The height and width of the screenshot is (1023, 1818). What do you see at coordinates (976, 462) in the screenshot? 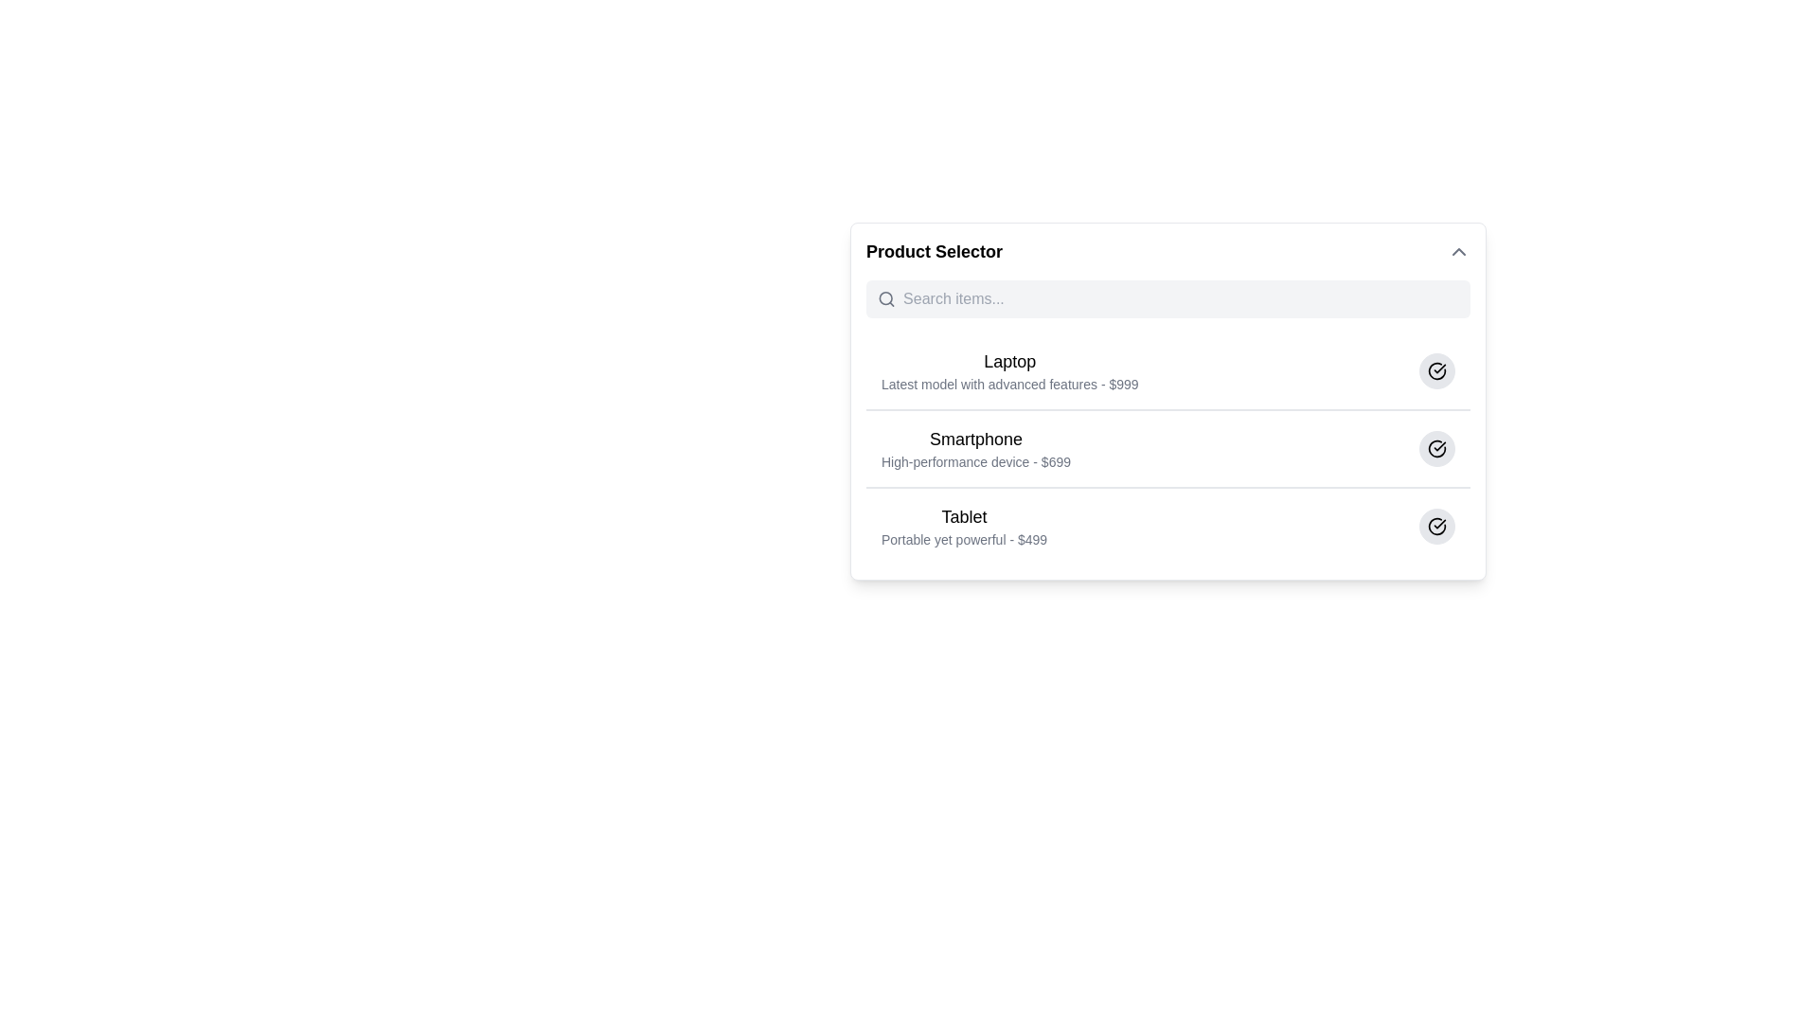
I see `the label text reading 'High-performance device - $699', which is styled in a small, light gray font and positioned directly beneath the bold header 'Smartphone'` at bounding box center [976, 462].